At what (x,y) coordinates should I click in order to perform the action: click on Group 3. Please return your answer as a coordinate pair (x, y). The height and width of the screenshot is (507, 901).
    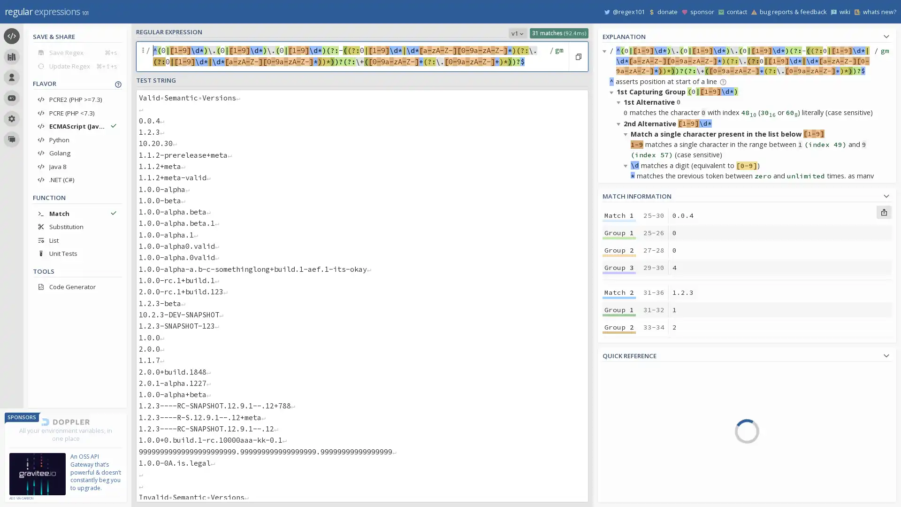
    Looking at the image, I should click on (619, 344).